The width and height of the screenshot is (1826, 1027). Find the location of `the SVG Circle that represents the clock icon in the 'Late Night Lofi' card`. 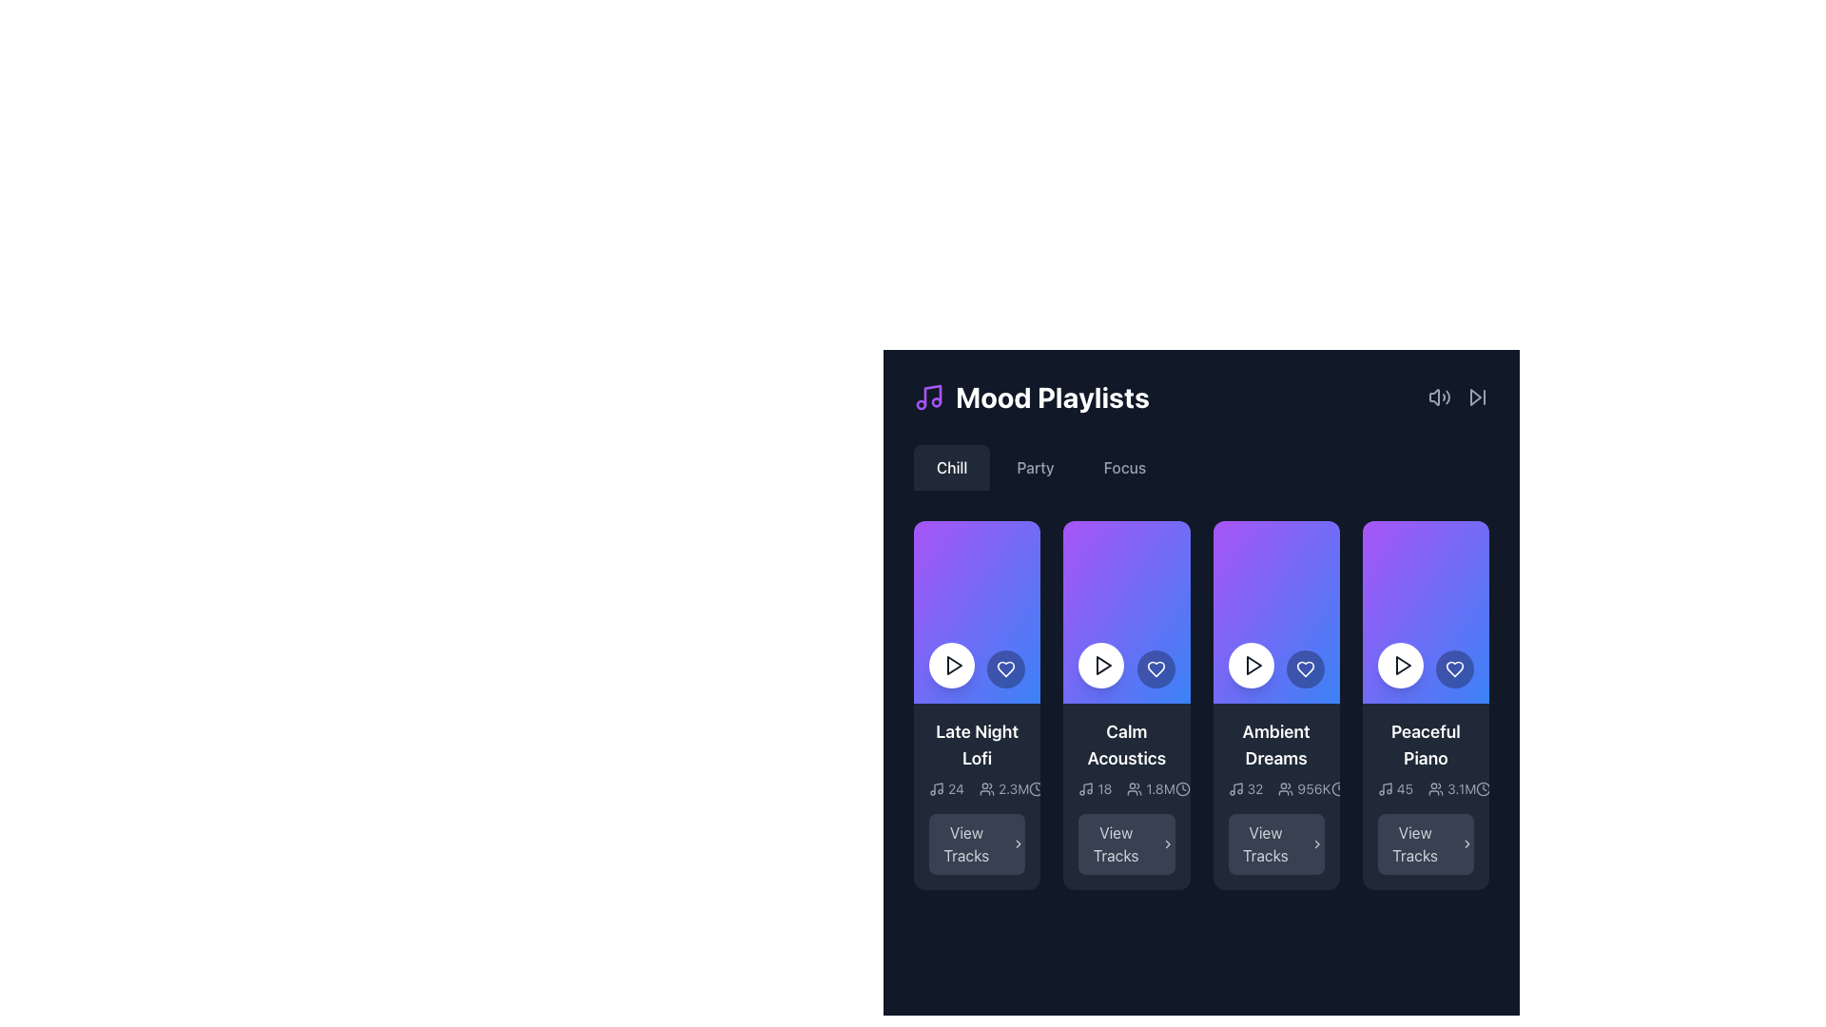

the SVG Circle that represents the clock icon in the 'Late Night Lofi' card is located at coordinates (1036, 788).